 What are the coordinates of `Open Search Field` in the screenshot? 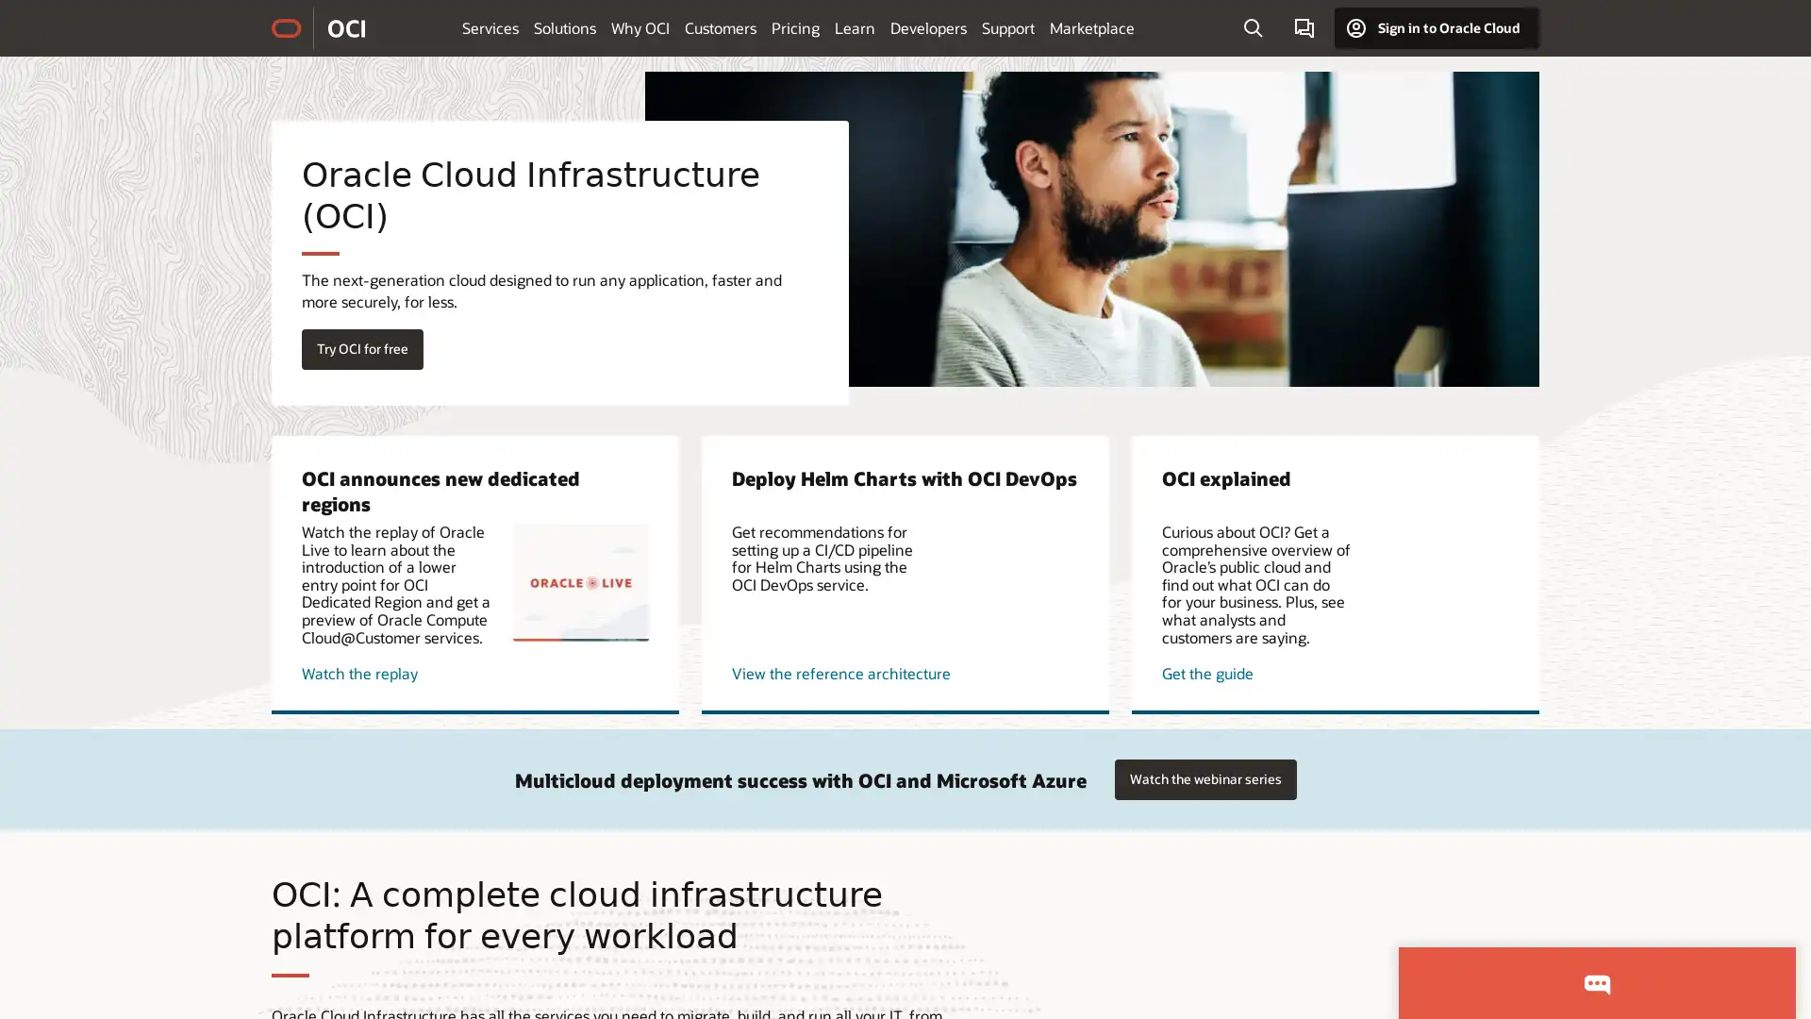 It's located at (1253, 28).